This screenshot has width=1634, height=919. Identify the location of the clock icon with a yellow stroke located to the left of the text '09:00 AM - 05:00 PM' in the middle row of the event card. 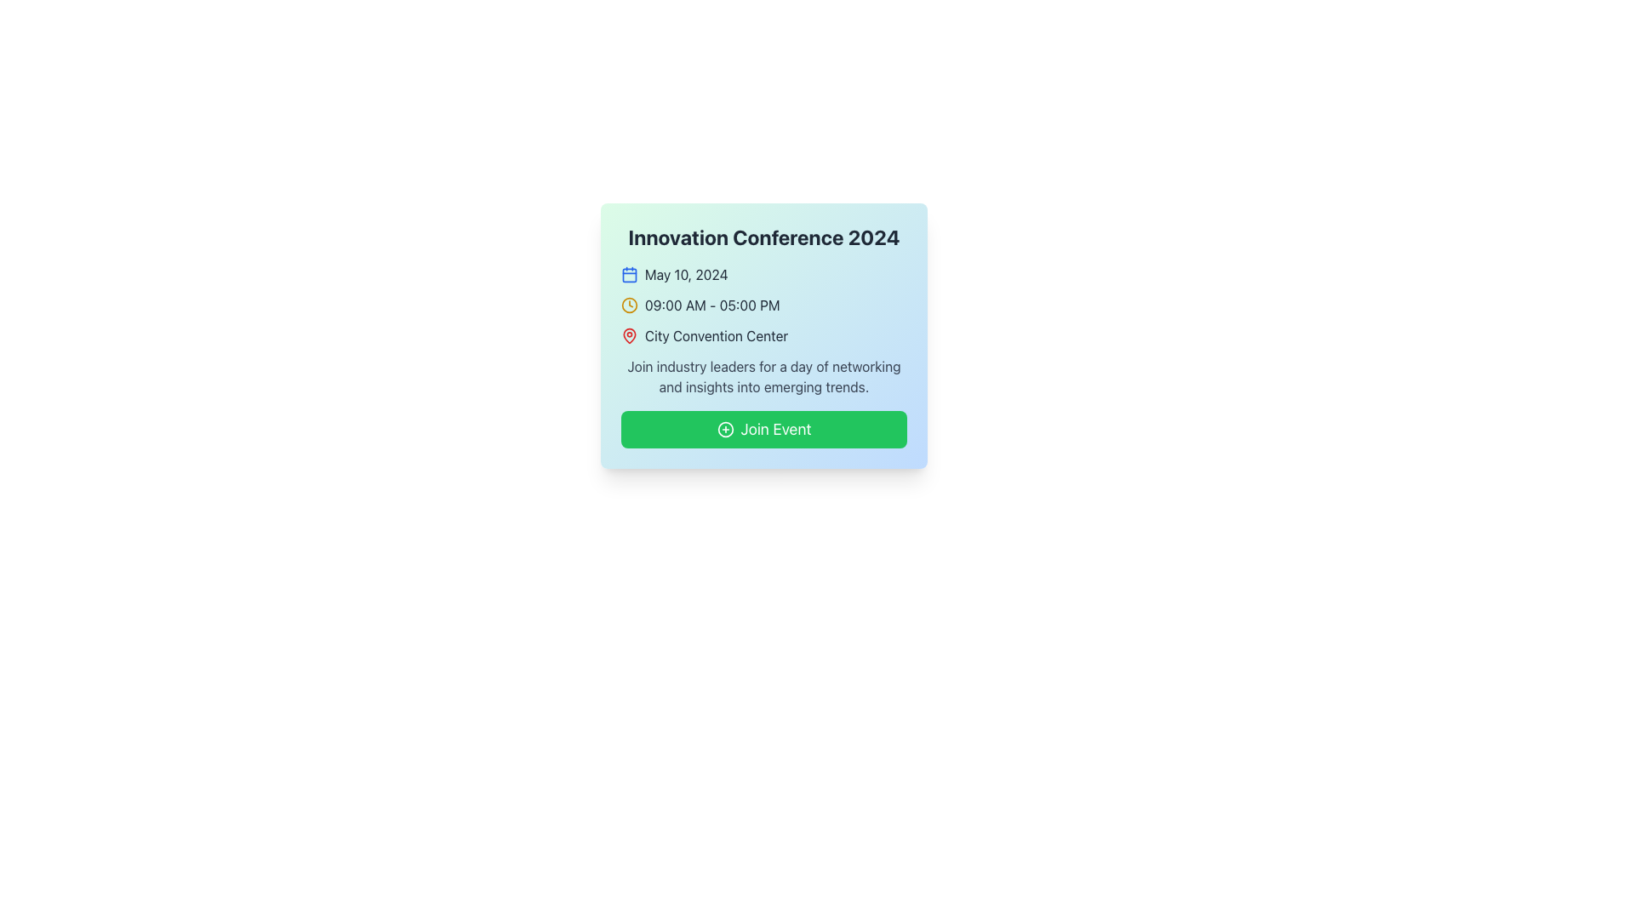
(628, 304).